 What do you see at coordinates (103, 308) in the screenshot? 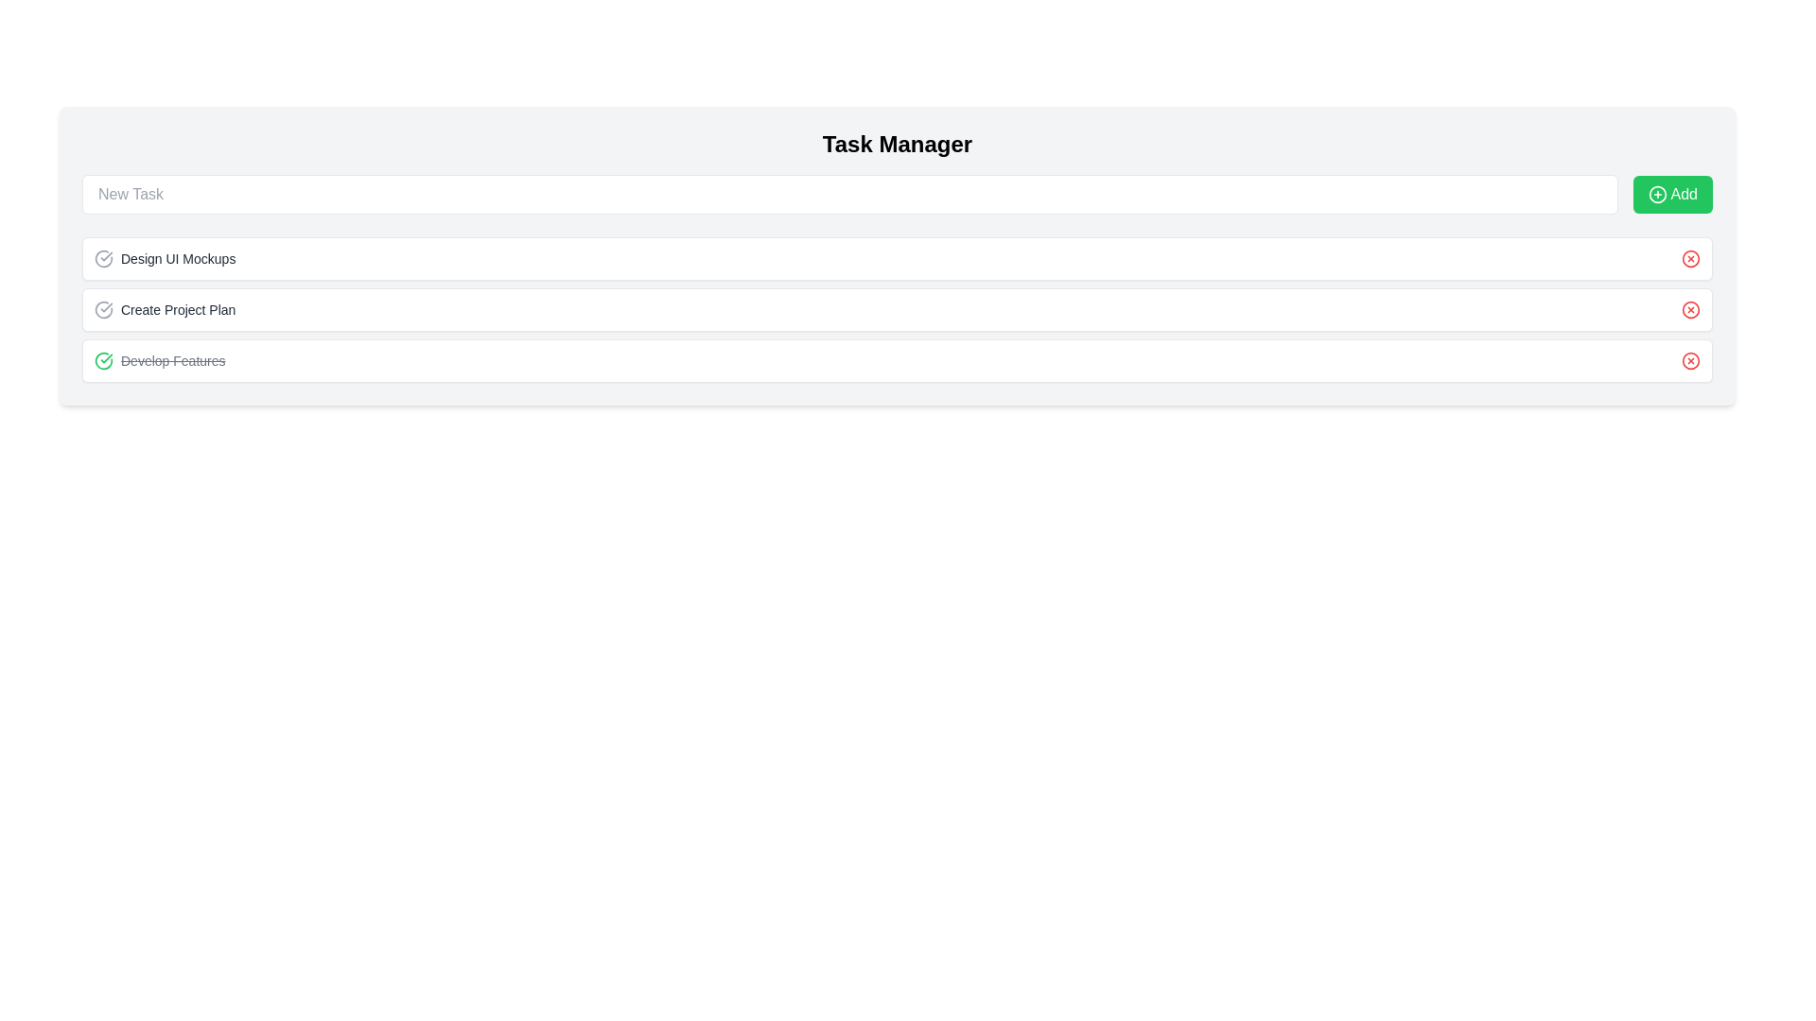
I see `the status icon located to the left of the 'Create Project Plan' text label in the second entry of the task management interface` at bounding box center [103, 308].